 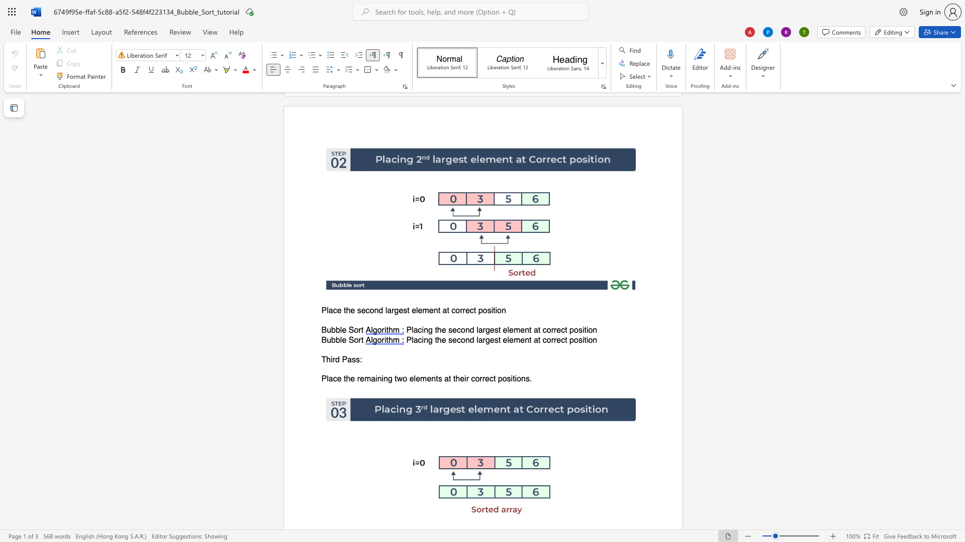 What do you see at coordinates (329, 330) in the screenshot?
I see `the 1th character "u" in the text` at bounding box center [329, 330].